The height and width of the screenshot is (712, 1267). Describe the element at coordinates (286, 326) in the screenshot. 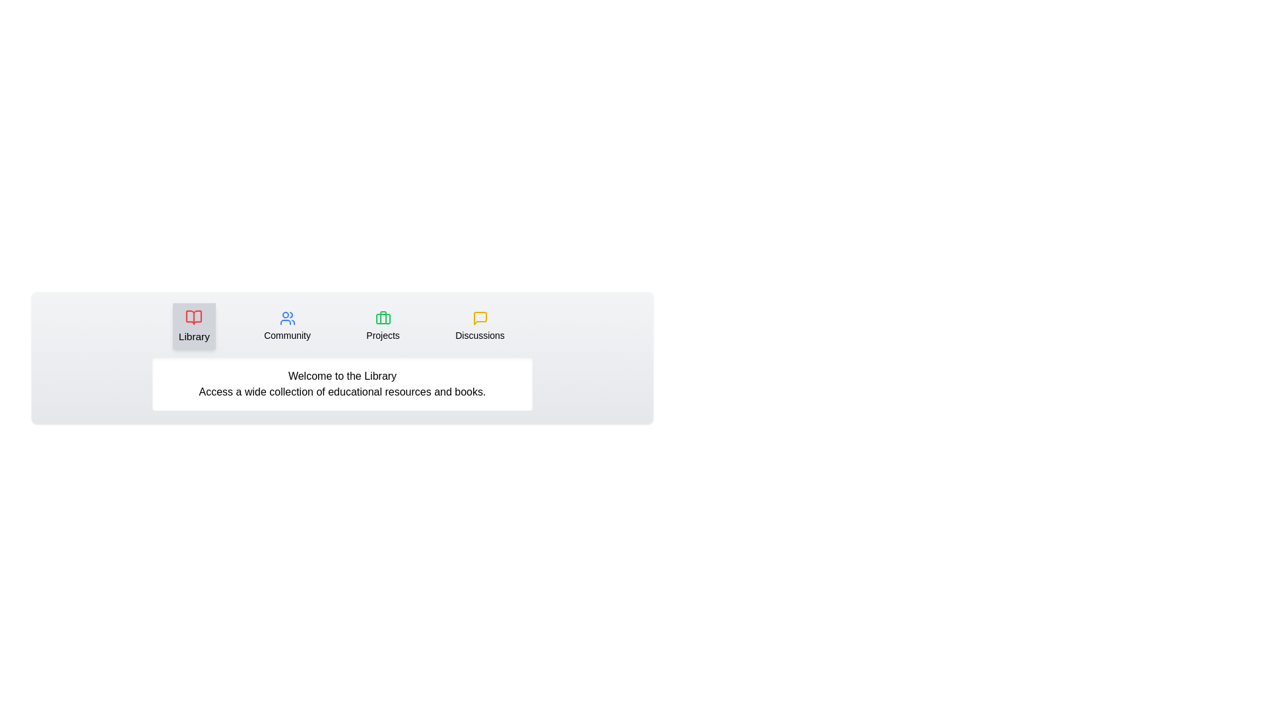

I see `the 'Community' button, which features a user icon in blue with the text 'Community' below it` at that location.